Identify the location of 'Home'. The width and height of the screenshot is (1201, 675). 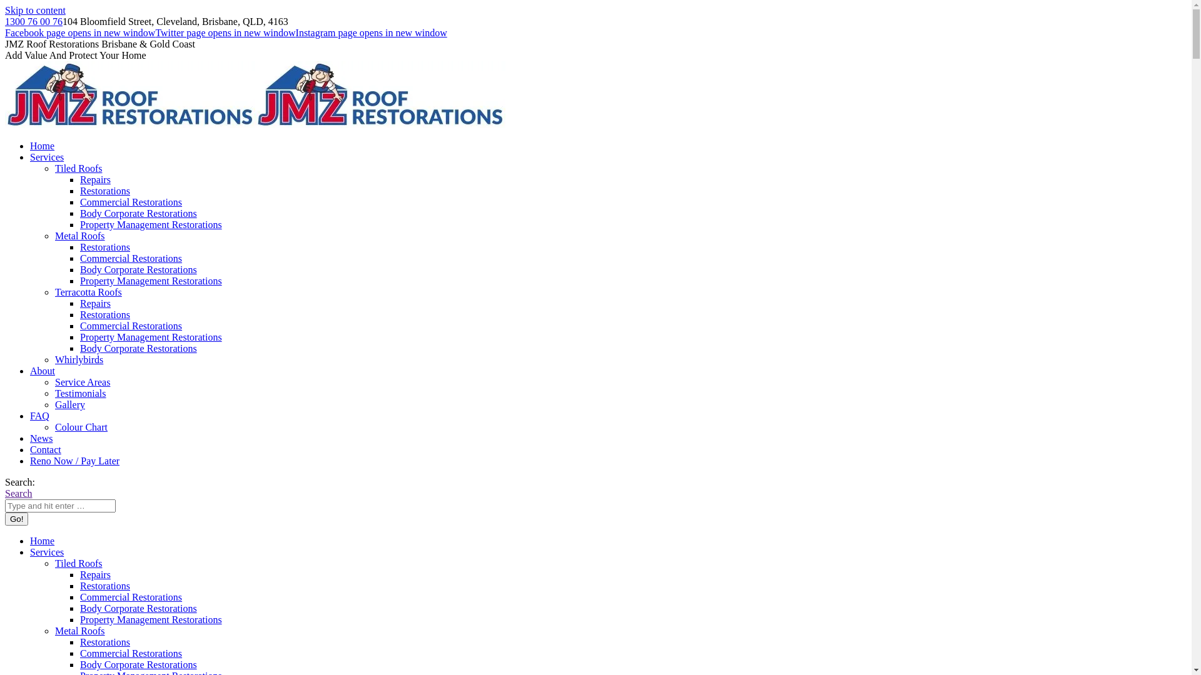
(42, 540).